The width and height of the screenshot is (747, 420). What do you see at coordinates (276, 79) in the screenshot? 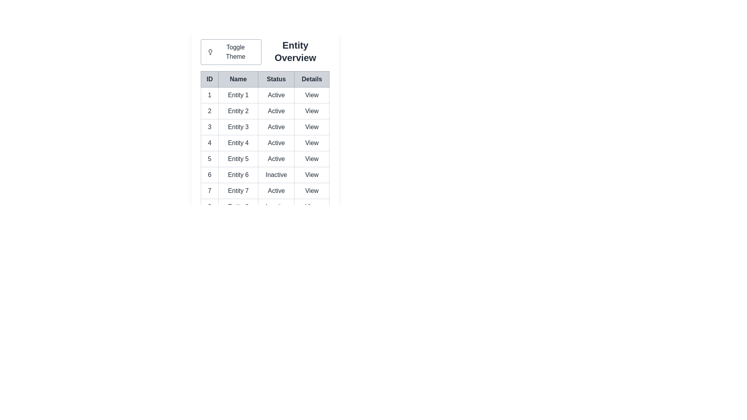
I see `the table header labeled Status to sort the data by that column` at bounding box center [276, 79].